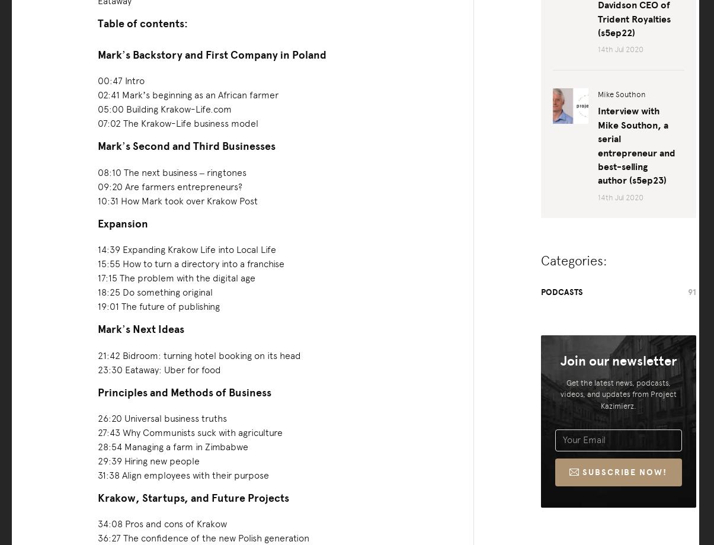 The width and height of the screenshot is (714, 545). Describe the element at coordinates (182, 475) in the screenshot. I see `'31:38 Align employees with their purpose'` at that location.